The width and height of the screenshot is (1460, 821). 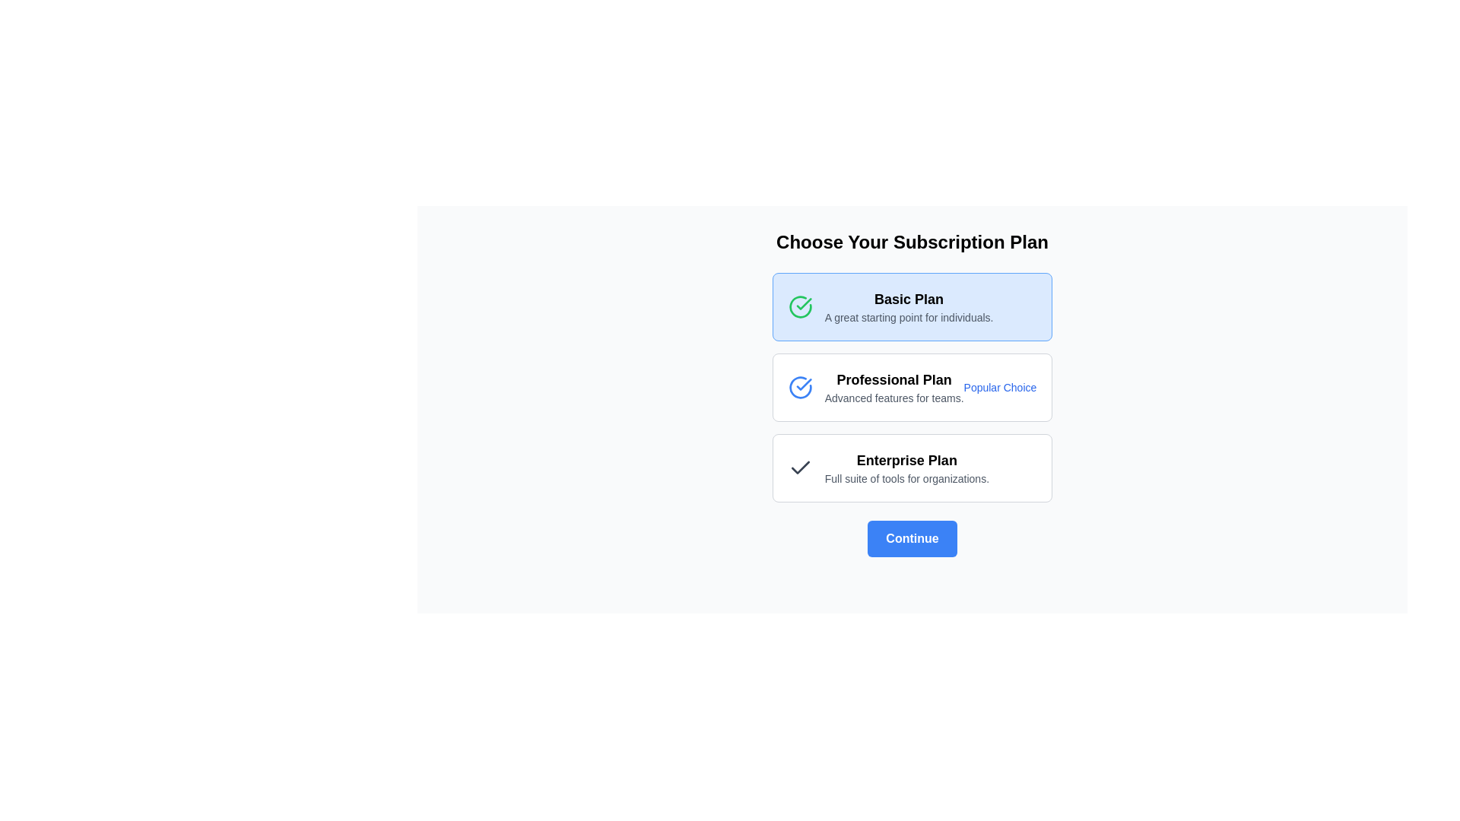 I want to click on the checkmark icon within the SVG component that represents a selection or confirmation, located adjacent to the 'Basic Plan' label, so click(x=803, y=383).